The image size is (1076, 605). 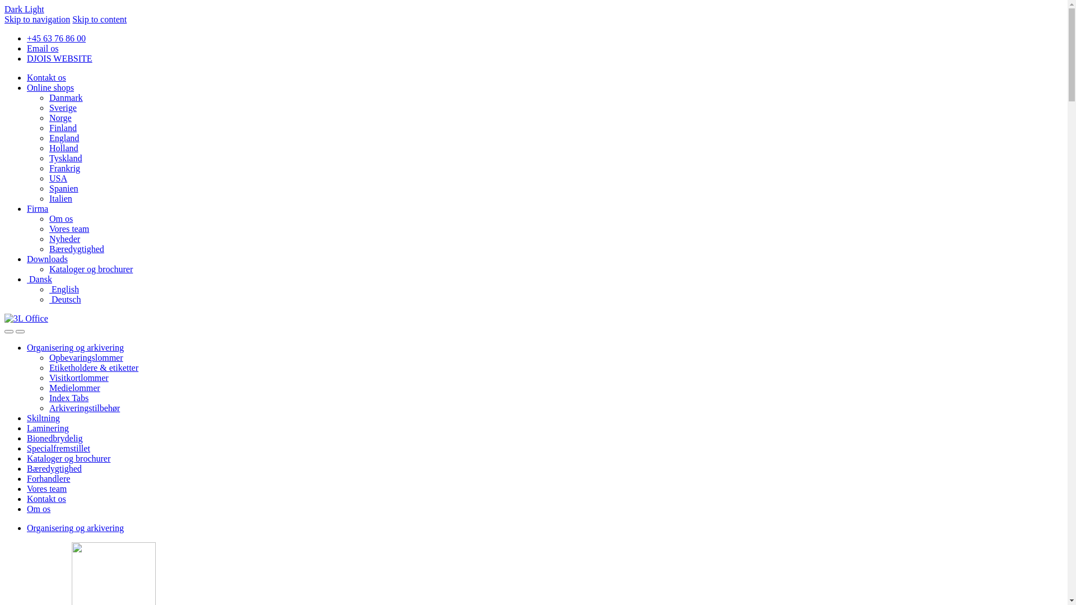 What do you see at coordinates (37, 19) in the screenshot?
I see `'Skip to navigation'` at bounding box center [37, 19].